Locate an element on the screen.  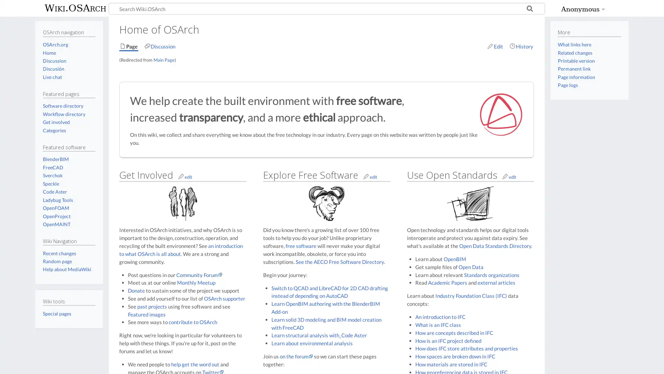
Search is located at coordinates (529, 9).